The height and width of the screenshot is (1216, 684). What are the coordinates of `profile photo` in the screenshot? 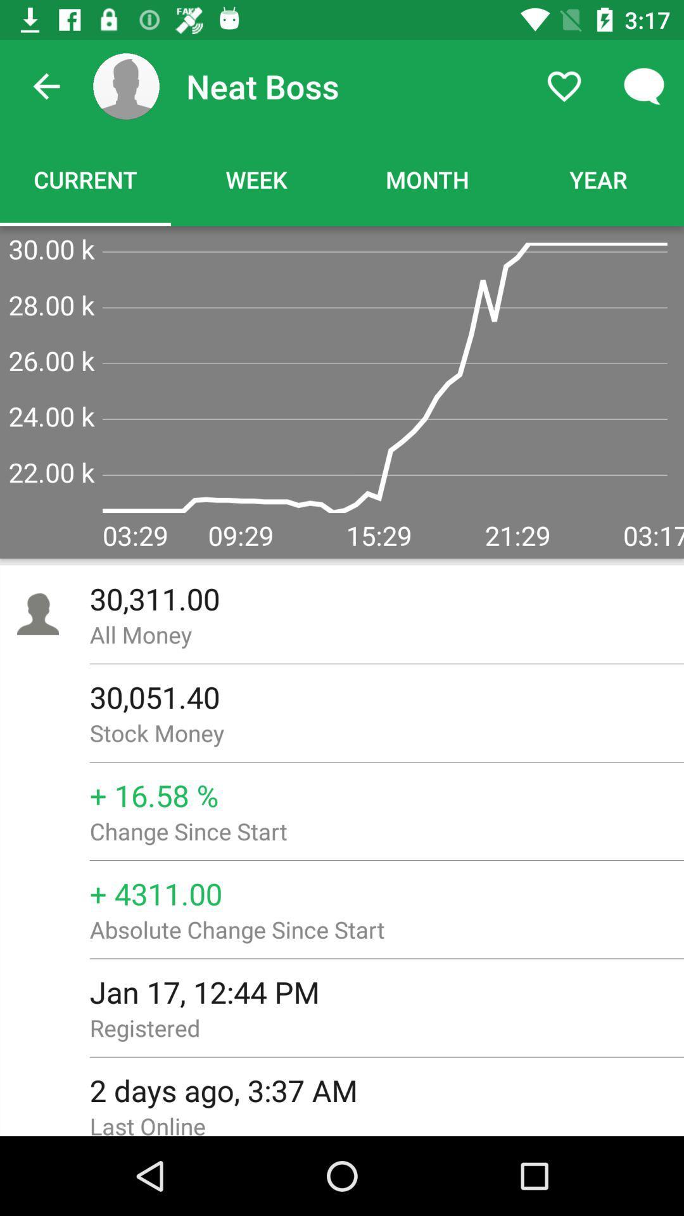 It's located at (126, 85).